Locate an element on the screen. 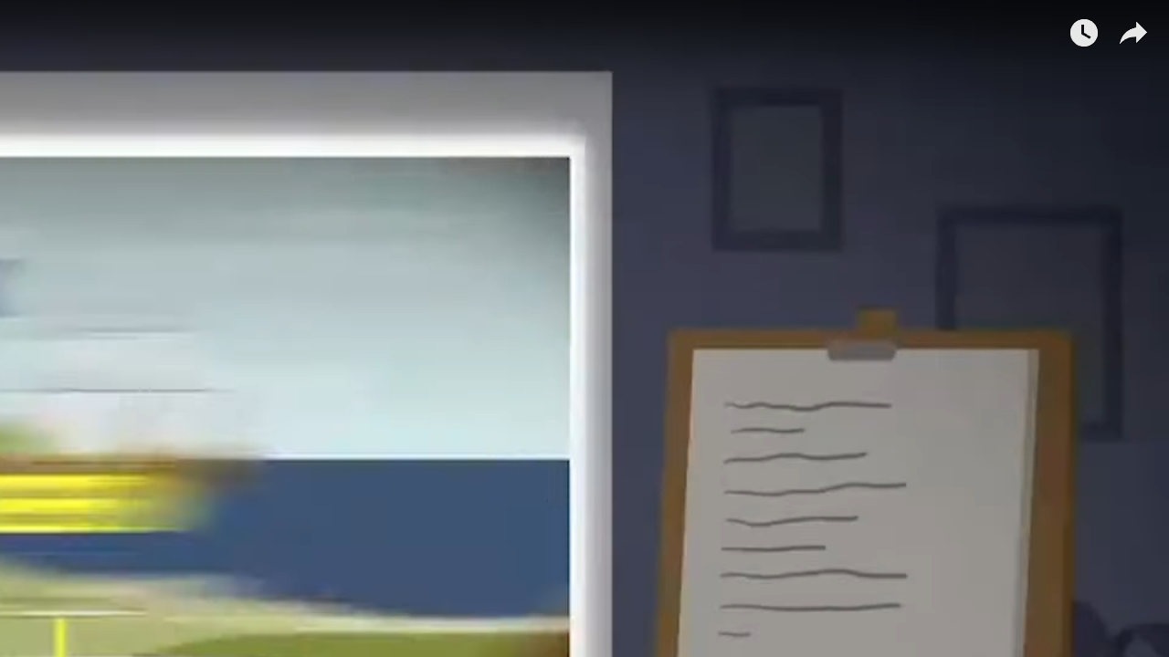 The width and height of the screenshot is (1169, 657). 'Share' is located at coordinates (1132, 28).